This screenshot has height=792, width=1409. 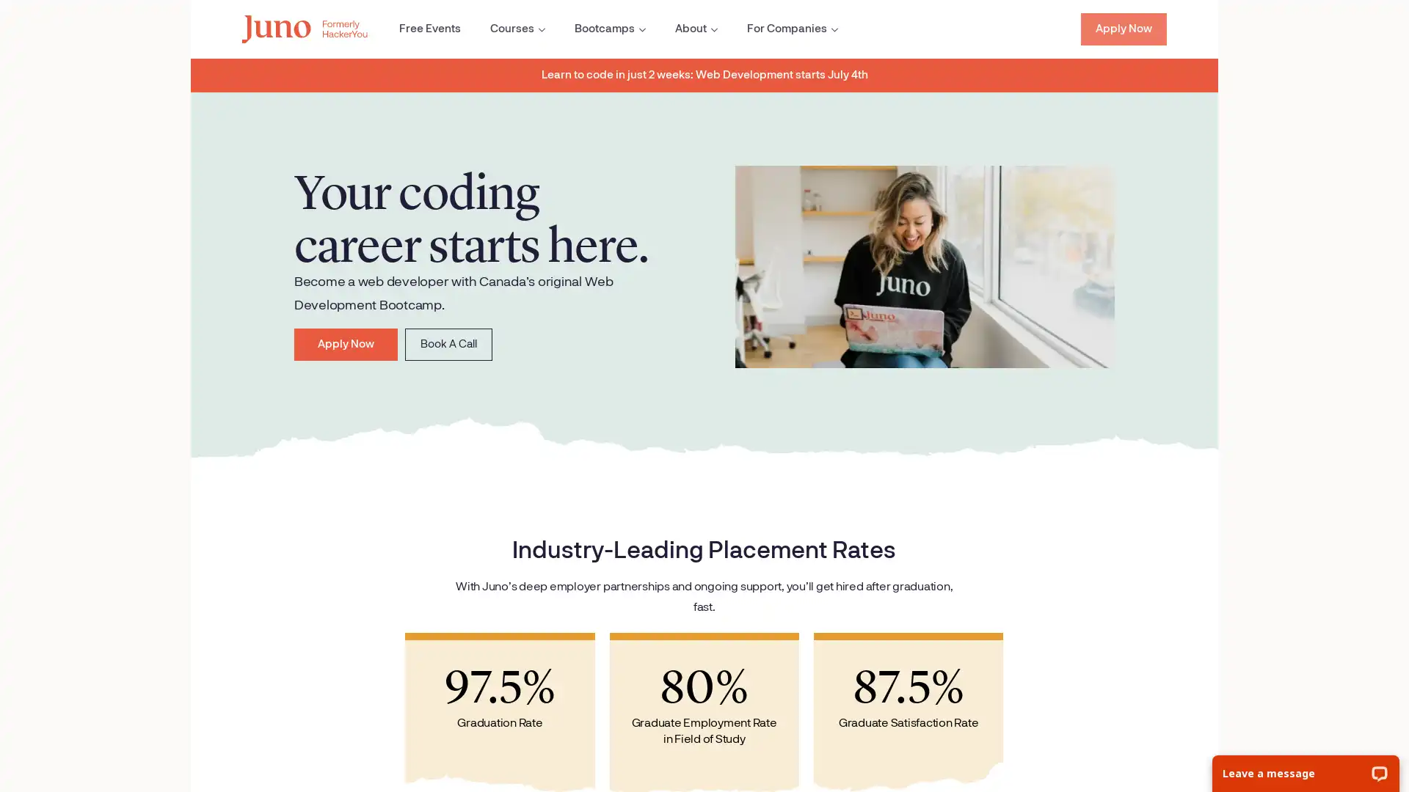 I want to click on Open the For Companies sub menu., so click(x=779, y=29).